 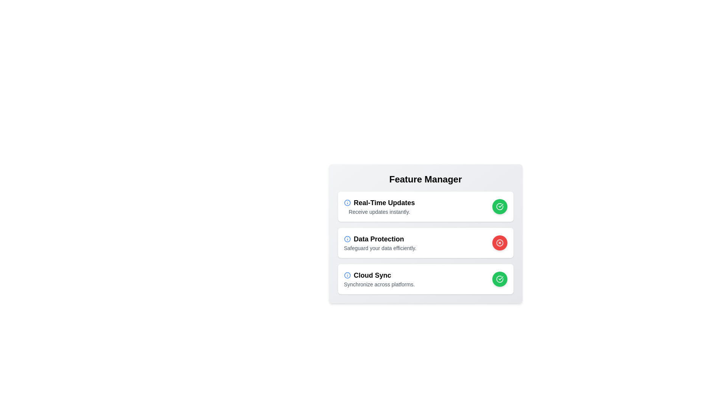 What do you see at coordinates (425, 179) in the screenshot?
I see `the 'Feature Manager' header text` at bounding box center [425, 179].